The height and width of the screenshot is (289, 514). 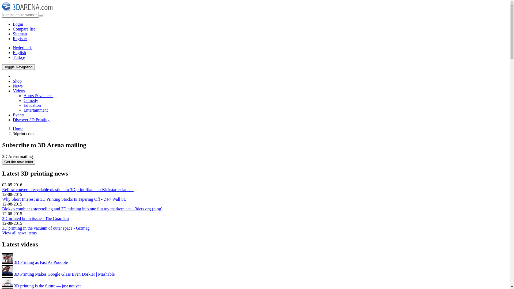 What do you see at coordinates (2, 2) in the screenshot?
I see `'Skip to main content'` at bounding box center [2, 2].